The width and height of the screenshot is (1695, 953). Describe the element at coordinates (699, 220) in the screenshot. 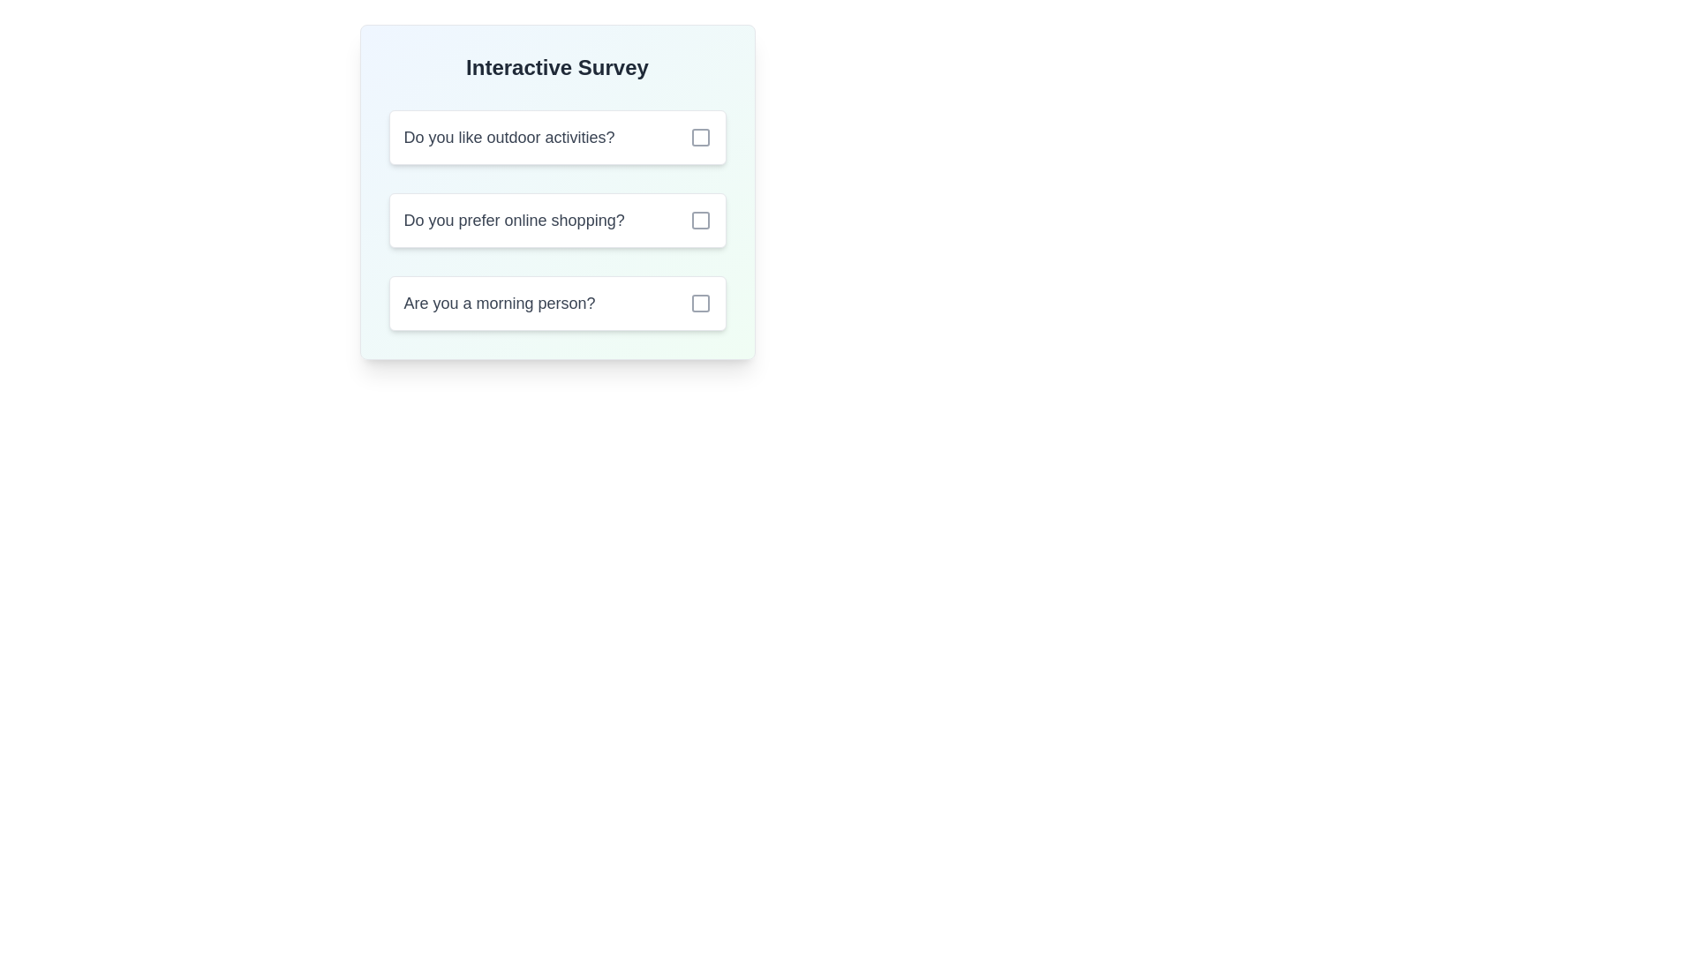

I see `the checkbox next` at that location.